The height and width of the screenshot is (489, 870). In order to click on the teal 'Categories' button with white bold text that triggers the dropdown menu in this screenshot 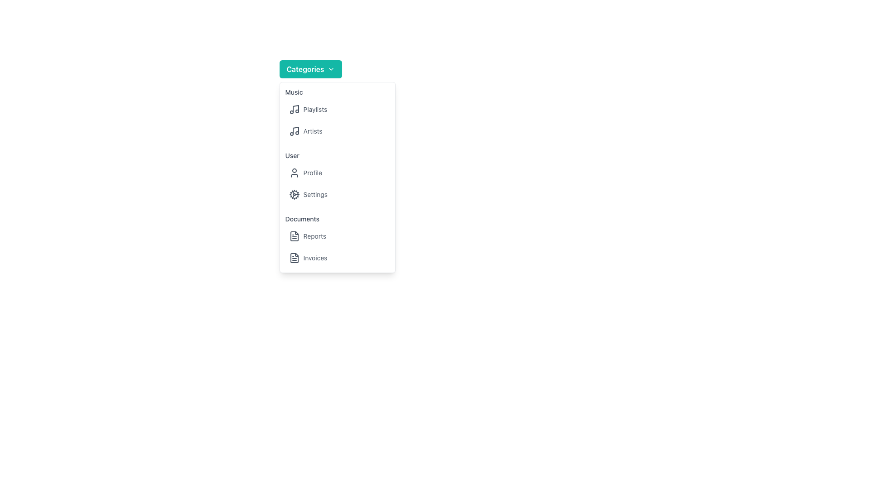, I will do `click(311, 69)`.